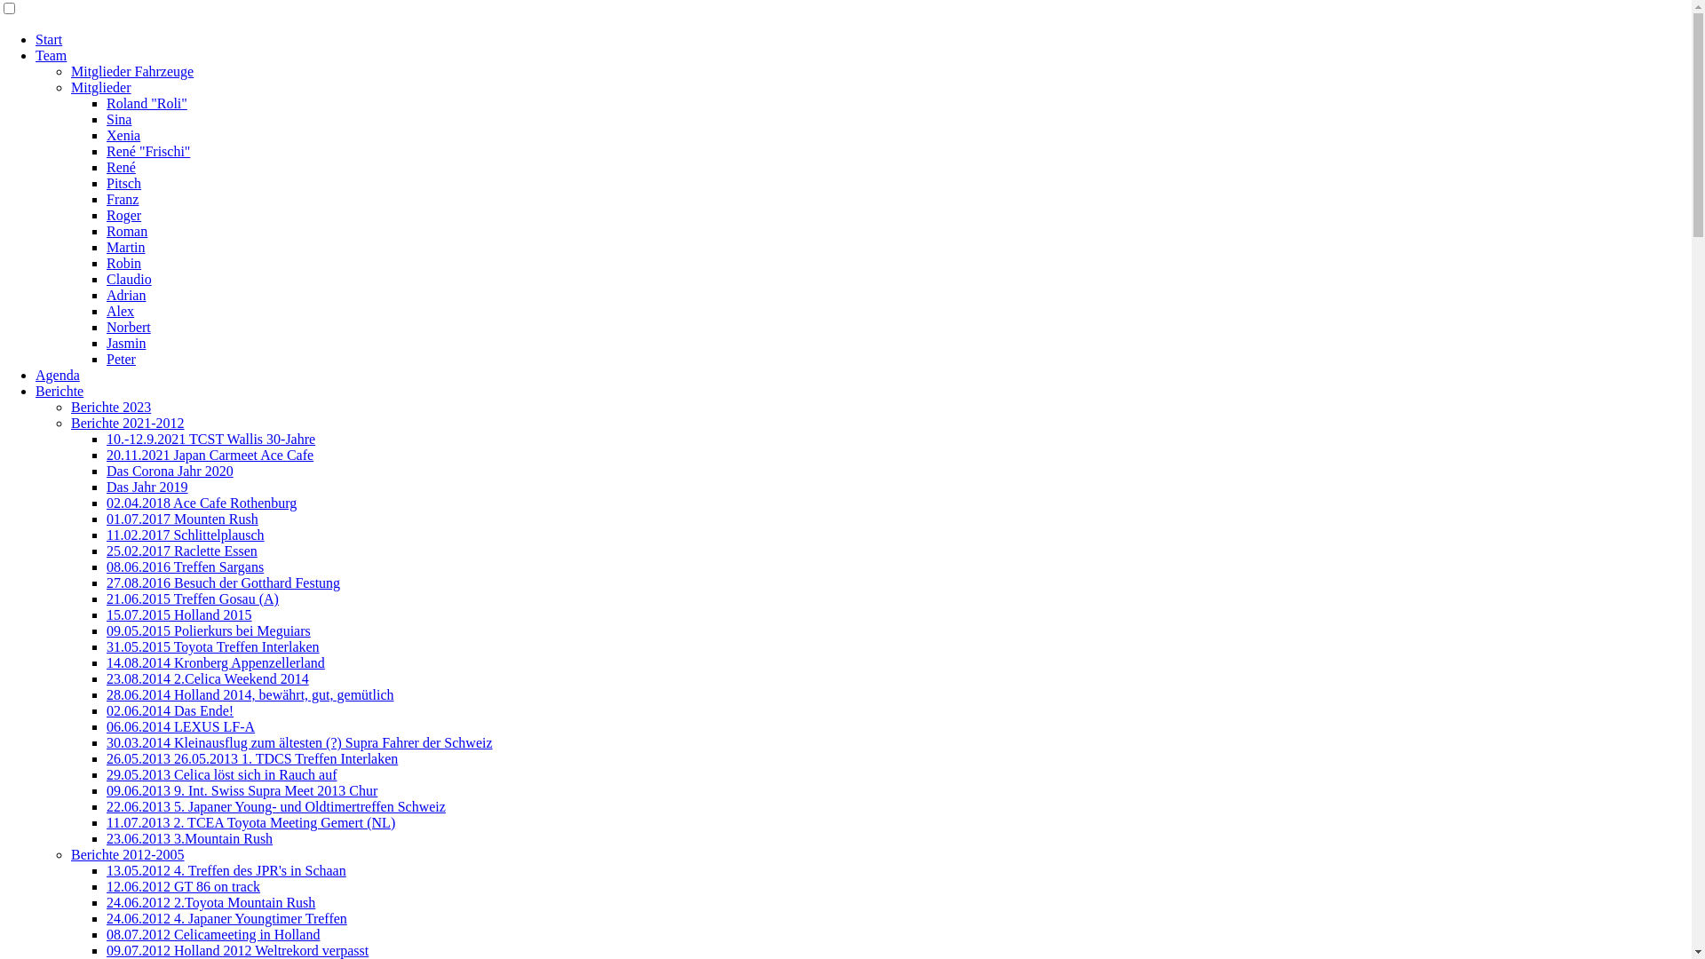  What do you see at coordinates (215, 662) in the screenshot?
I see `'14.08.2014 Kronberg Appenzellerland'` at bounding box center [215, 662].